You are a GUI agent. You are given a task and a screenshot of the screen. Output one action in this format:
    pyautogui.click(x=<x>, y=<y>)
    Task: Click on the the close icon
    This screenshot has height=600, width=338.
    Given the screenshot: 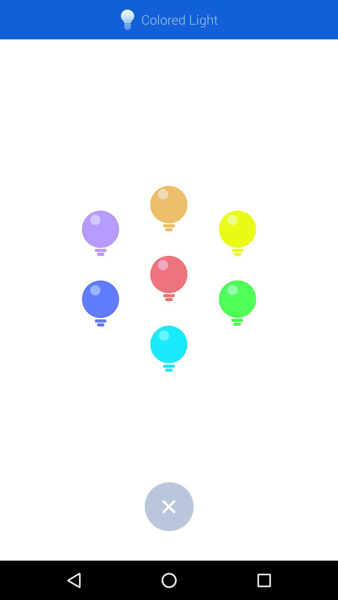 What is the action you would take?
    pyautogui.click(x=169, y=542)
    